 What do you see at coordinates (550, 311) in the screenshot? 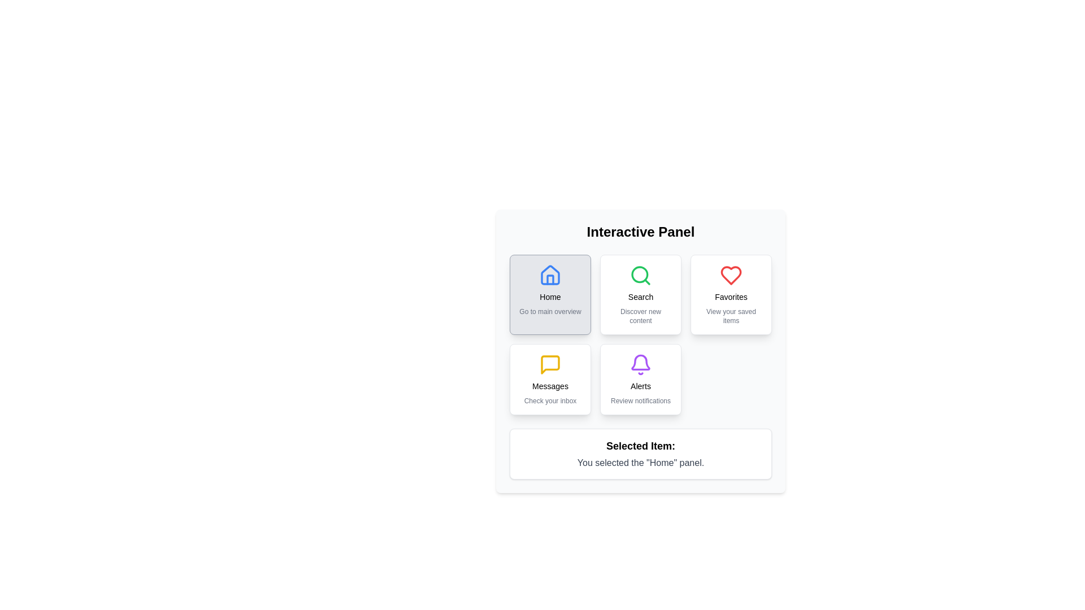
I see `small, light-gray text snippet that says 'Go to main overview' located at the bottom of the 'Home' card` at bounding box center [550, 311].